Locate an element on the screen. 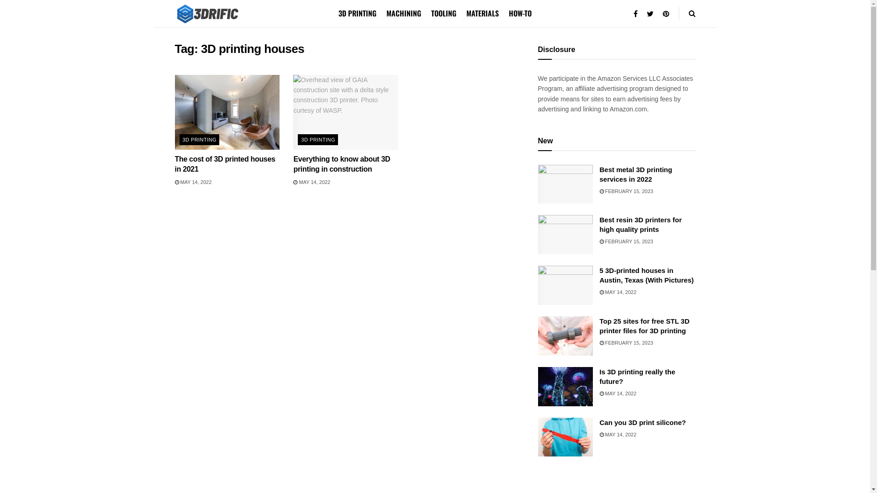 This screenshot has height=493, width=877. '3D PRINTING' is located at coordinates (338, 13).